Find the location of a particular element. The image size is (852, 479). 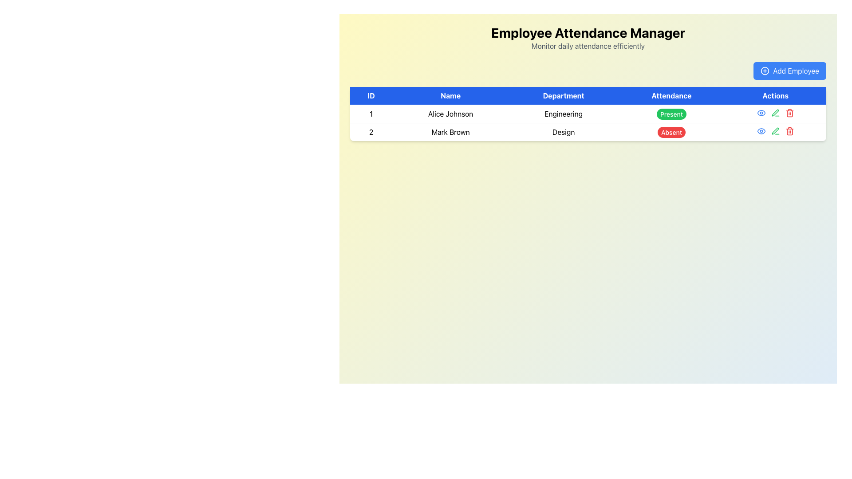

the outer contour of the eye-shaped icon in the 'Actions' column of the second row of the attendance management table is located at coordinates (761, 112).